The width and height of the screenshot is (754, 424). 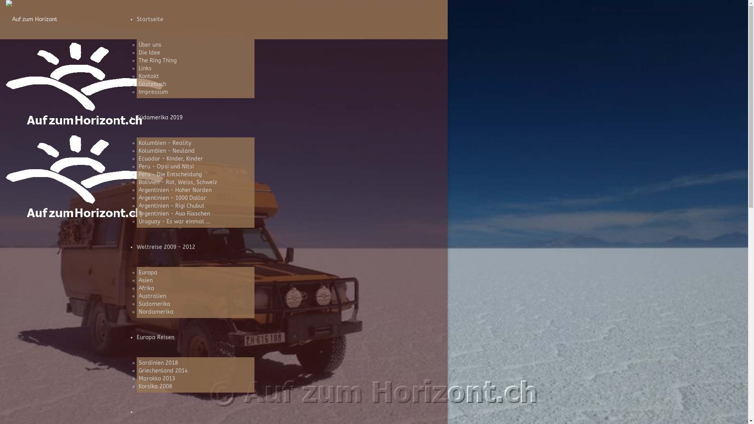 What do you see at coordinates (165, 166) in the screenshot?
I see `'Peru - Opsi und Nitsi'` at bounding box center [165, 166].